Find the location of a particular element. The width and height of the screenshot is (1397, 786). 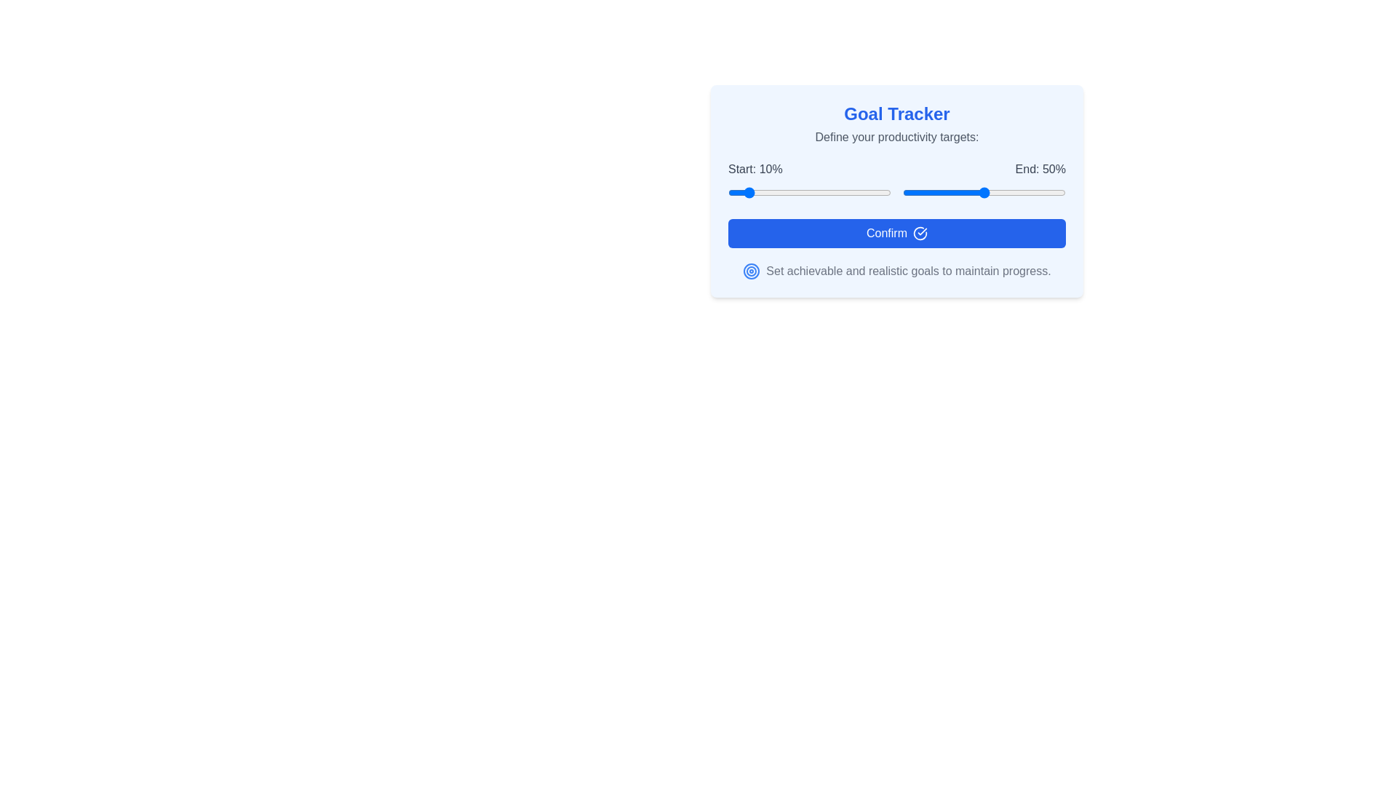

the decorative circle within the SVG target icon located at the bottom left of the 'Goal Tracker' informational block for specific stylings or highlights is located at coordinates (752, 271).